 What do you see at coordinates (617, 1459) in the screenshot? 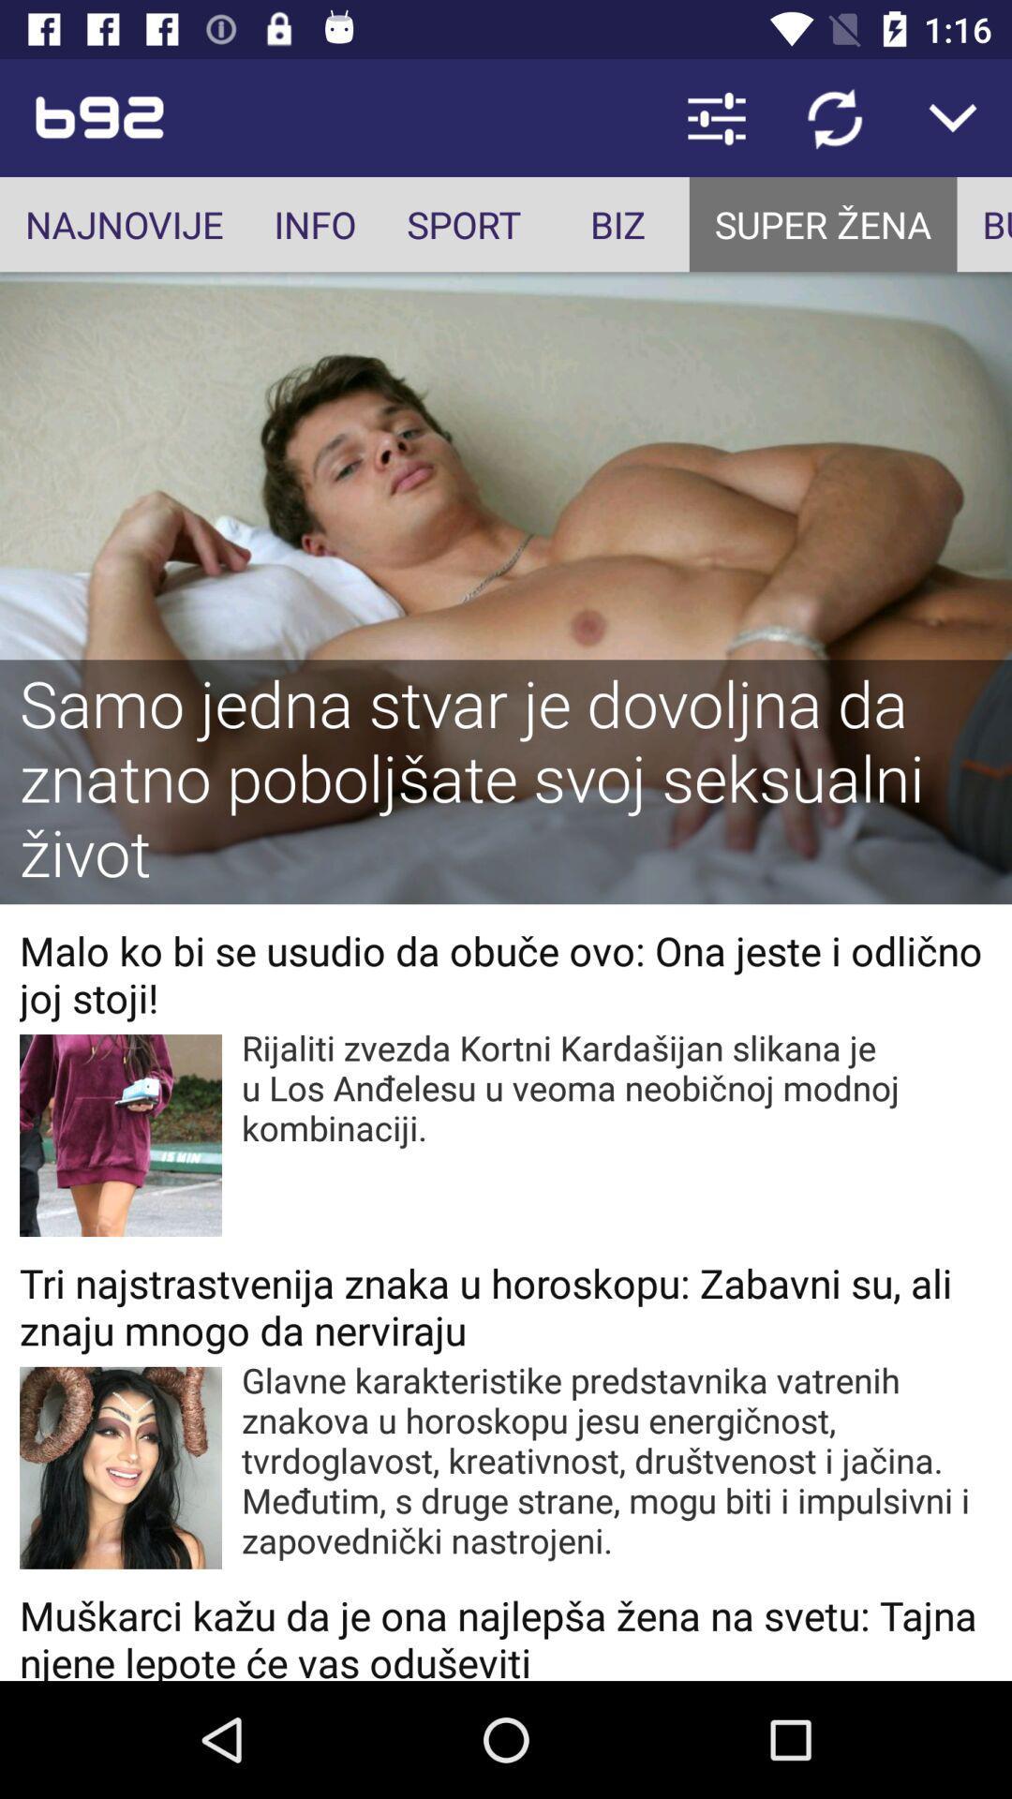
I see `glavne karakteristike predstavnika app` at bounding box center [617, 1459].